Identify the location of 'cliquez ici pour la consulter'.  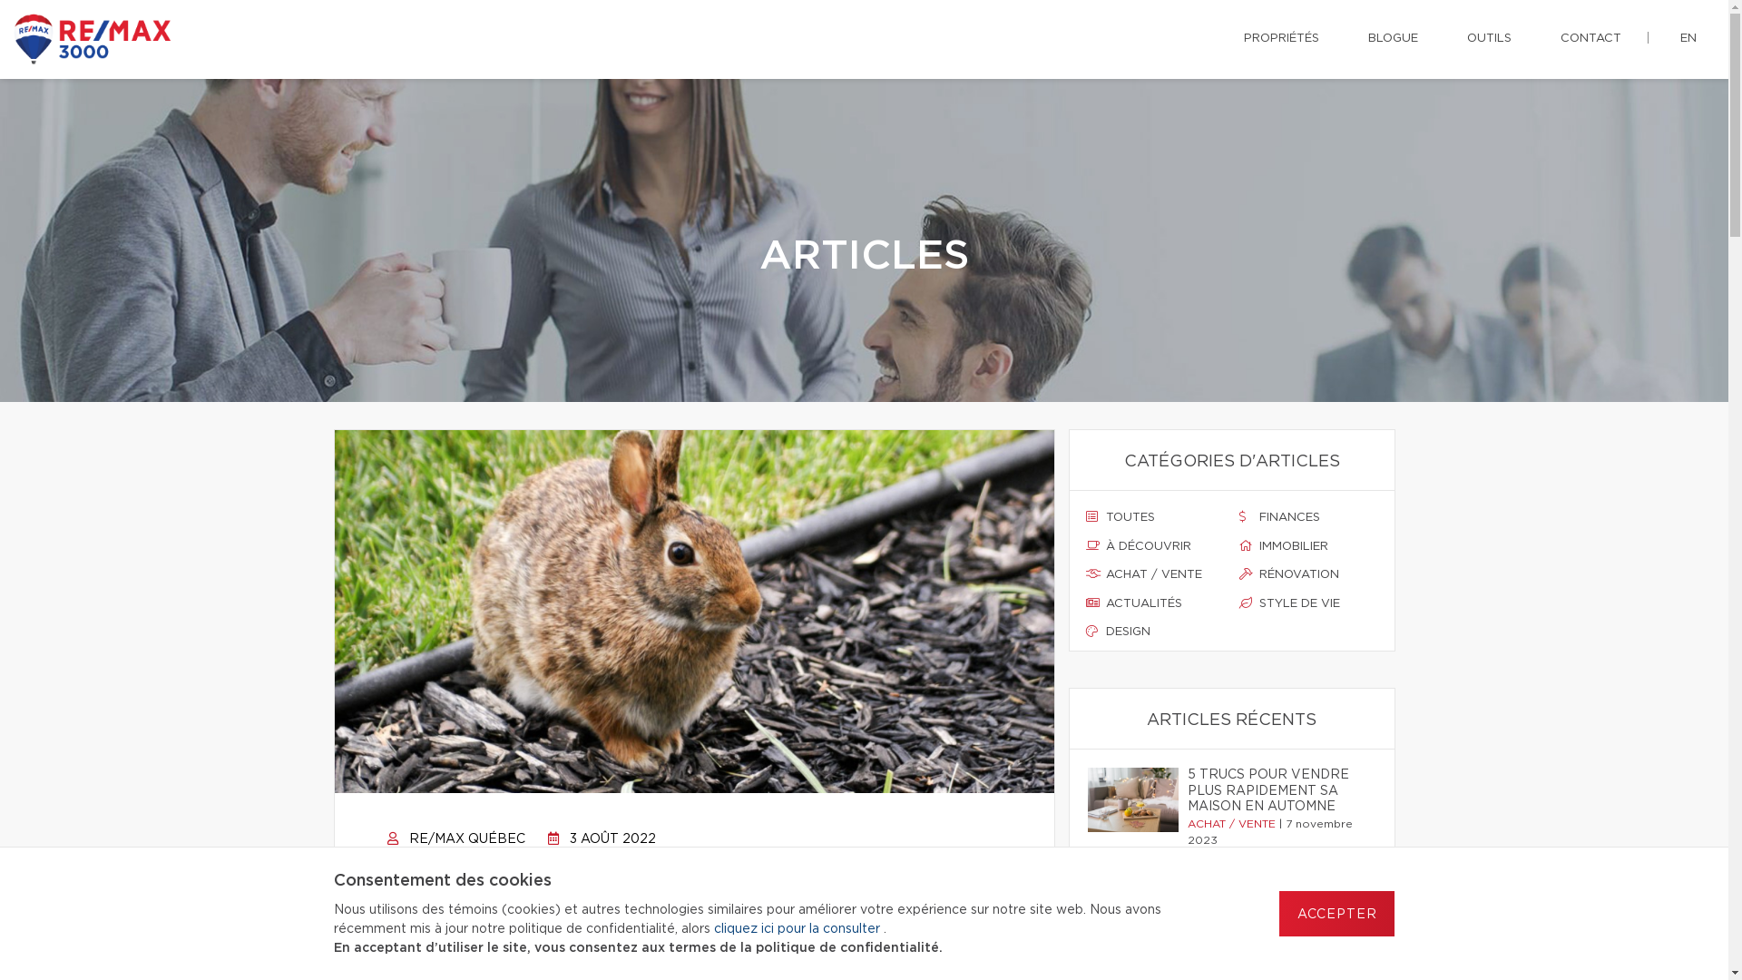
(798, 928).